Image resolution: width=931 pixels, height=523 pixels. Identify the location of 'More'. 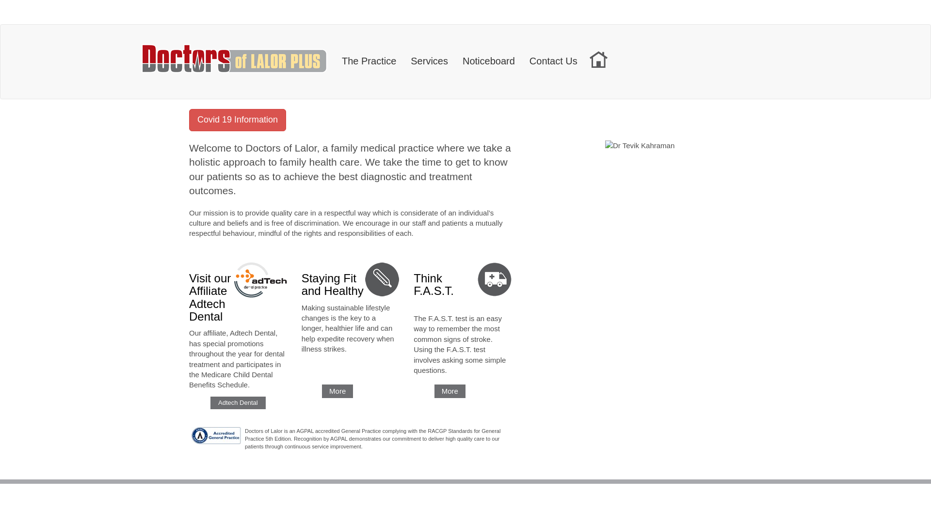
(337, 390).